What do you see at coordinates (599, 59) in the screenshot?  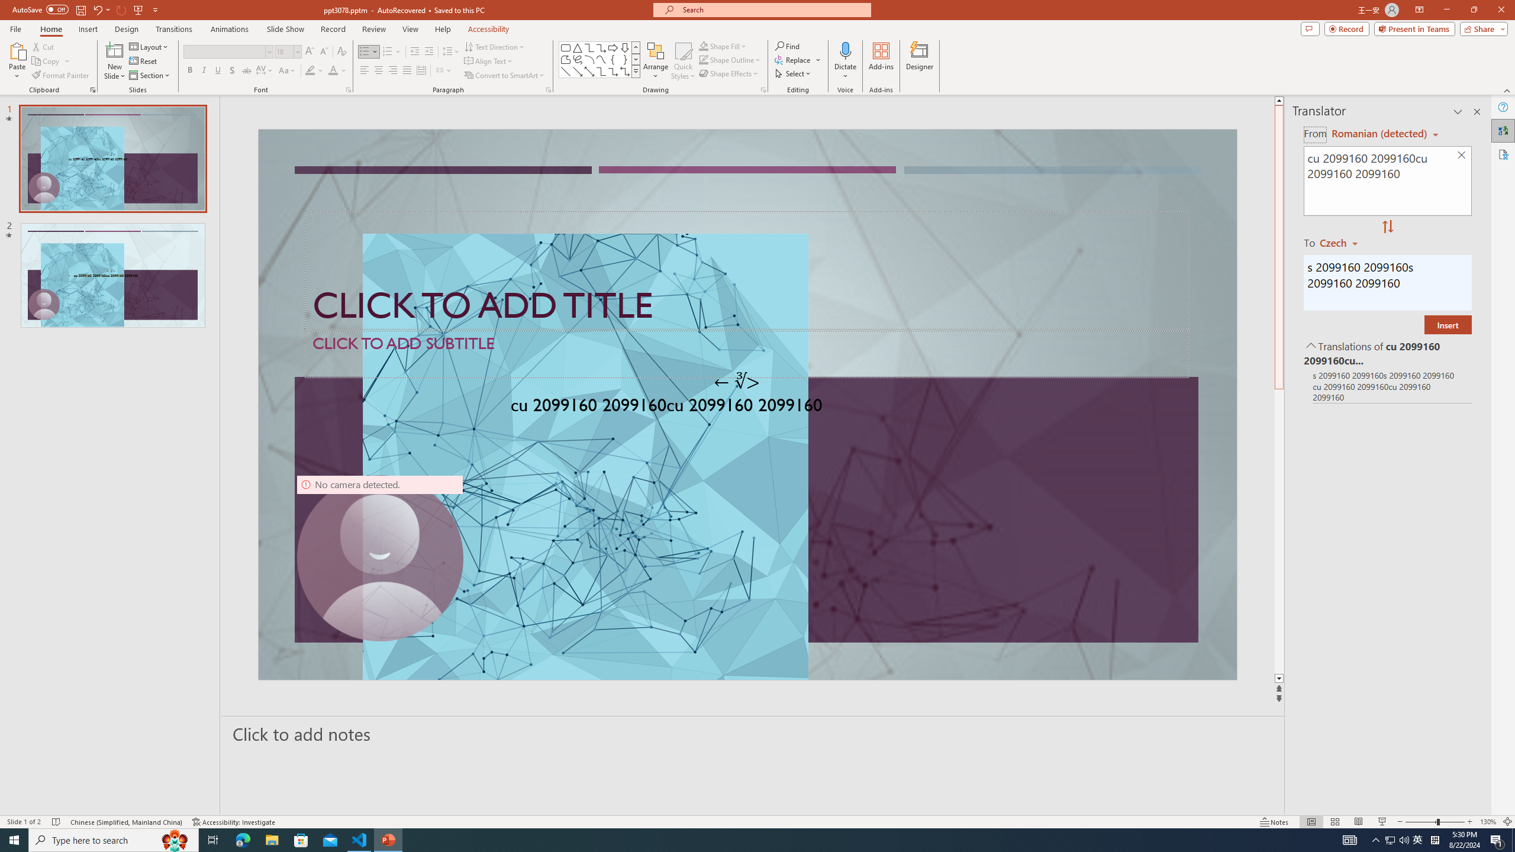 I see `'AutomationID: ShapesInsertGallery'` at bounding box center [599, 59].